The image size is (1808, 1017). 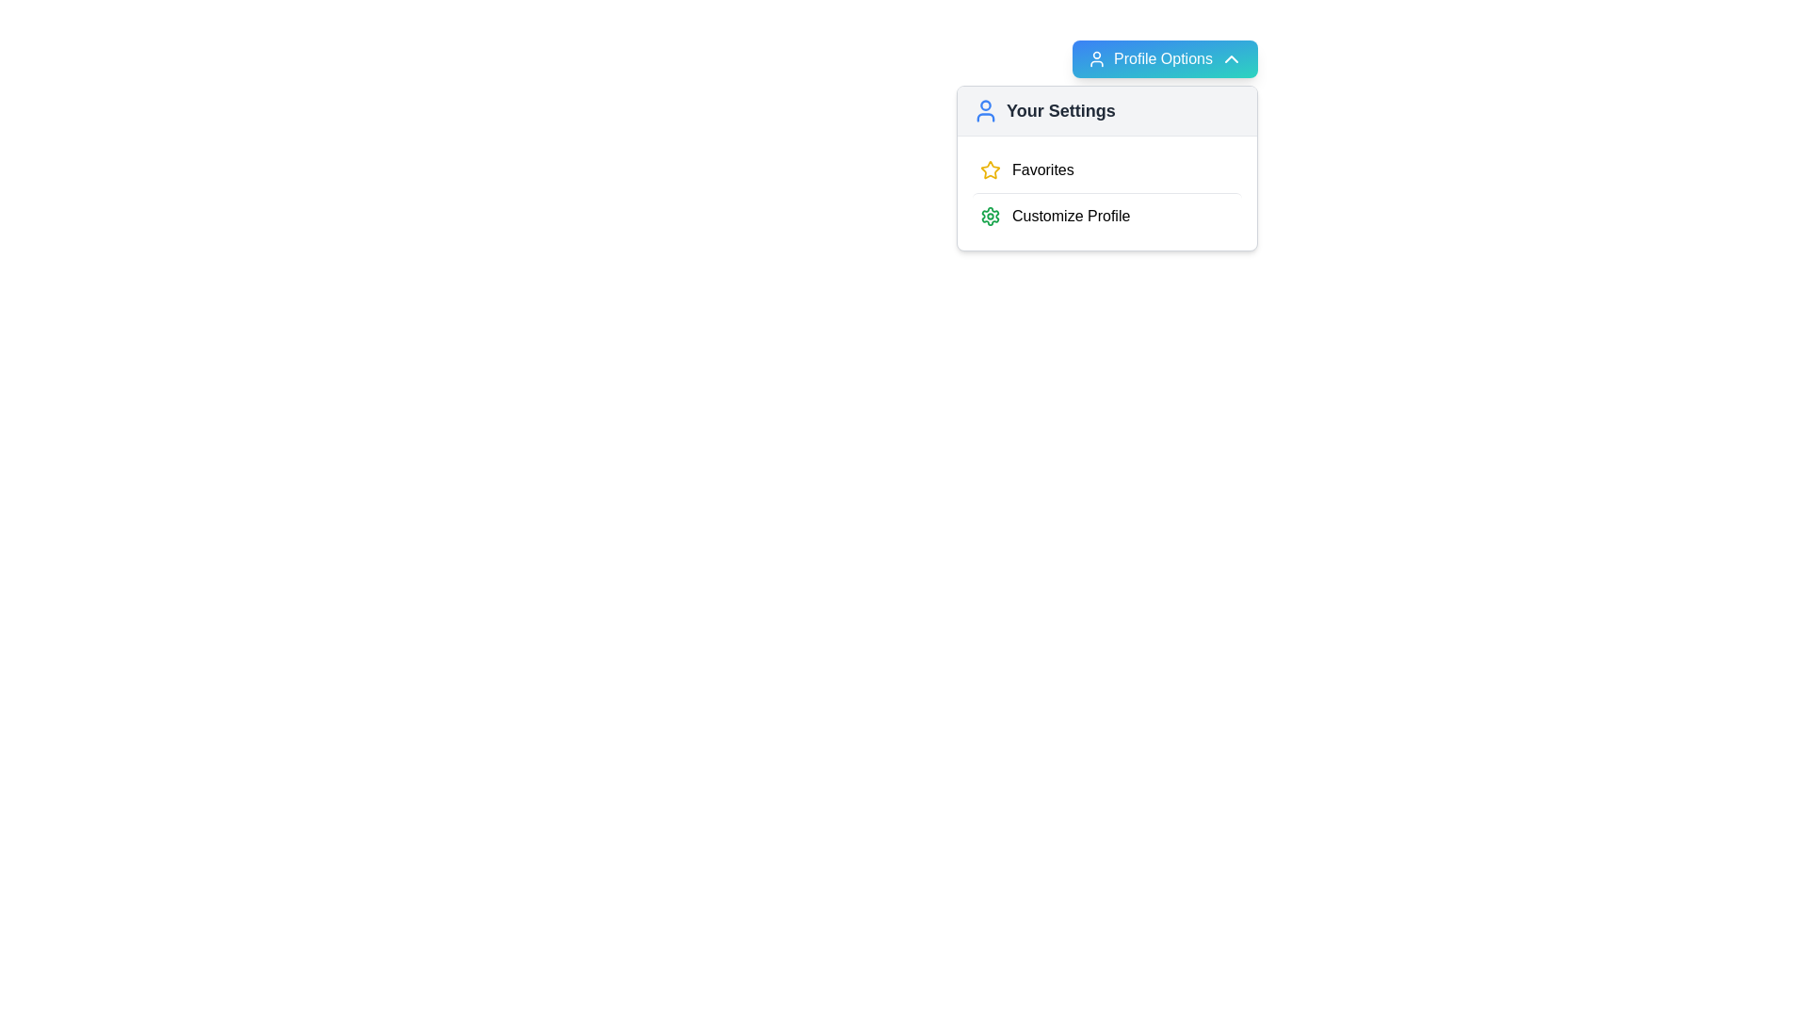 I want to click on the user outline icon, which is styled in bold blue color and positioned to the left of the 'Your Settings' text, so click(x=984, y=111).